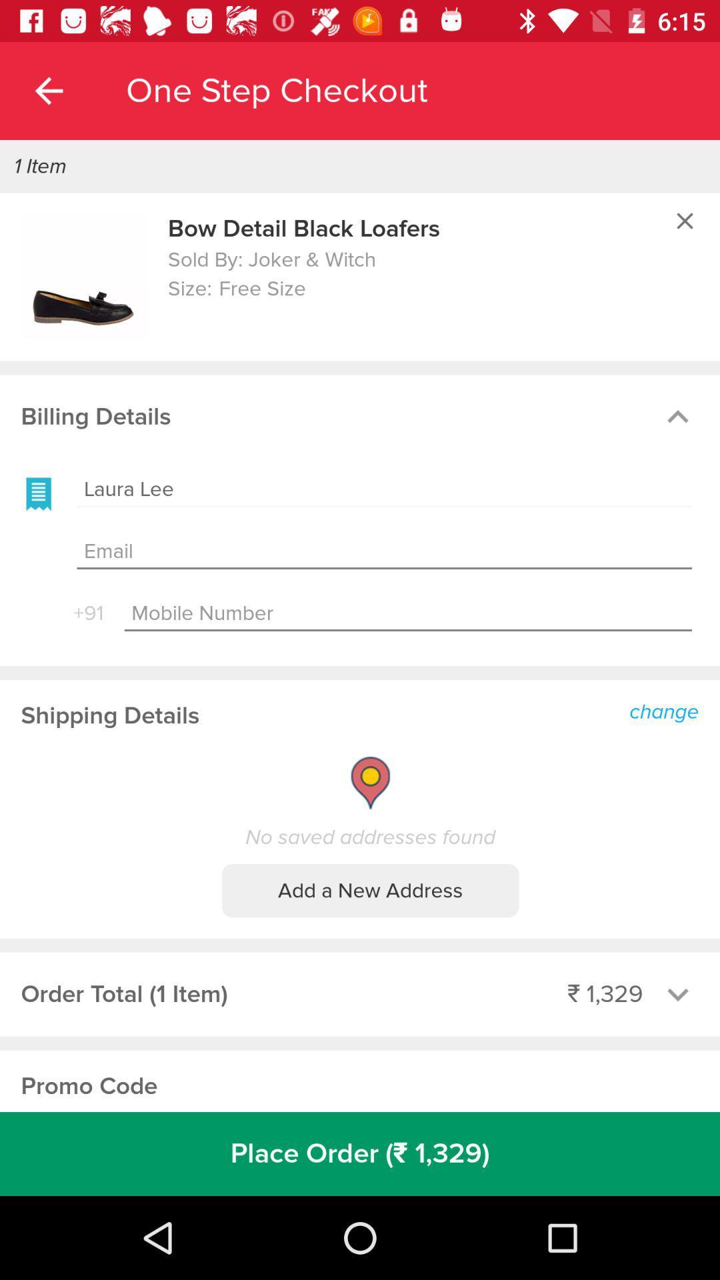  Describe the element at coordinates (84, 276) in the screenshot. I see `open item` at that location.